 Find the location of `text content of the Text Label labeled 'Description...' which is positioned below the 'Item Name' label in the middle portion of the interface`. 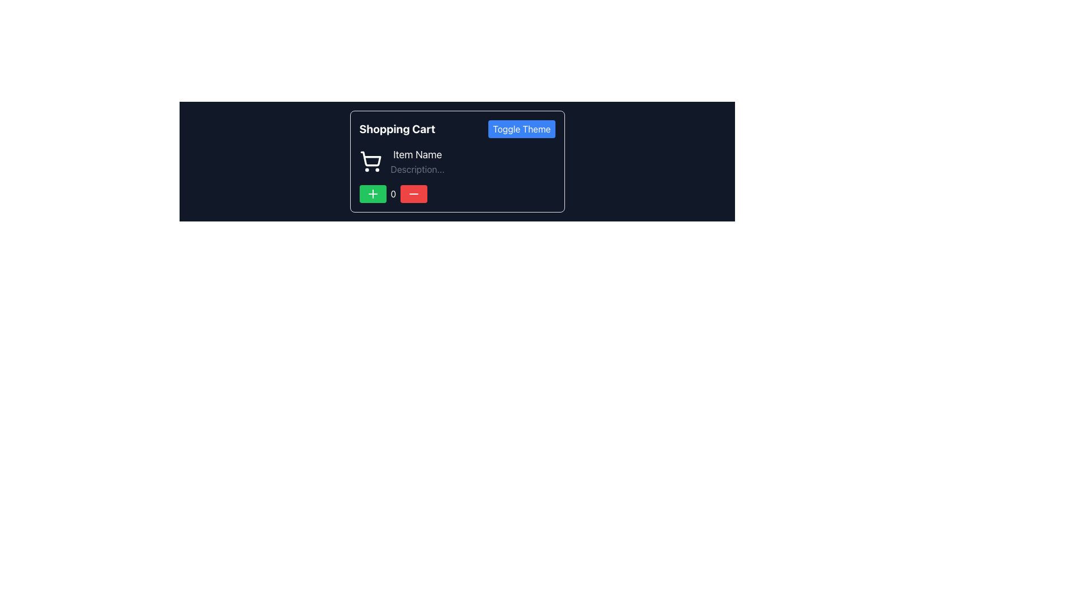

text content of the Text Label labeled 'Description...' which is positioned below the 'Item Name' label in the middle portion of the interface is located at coordinates (417, 169).